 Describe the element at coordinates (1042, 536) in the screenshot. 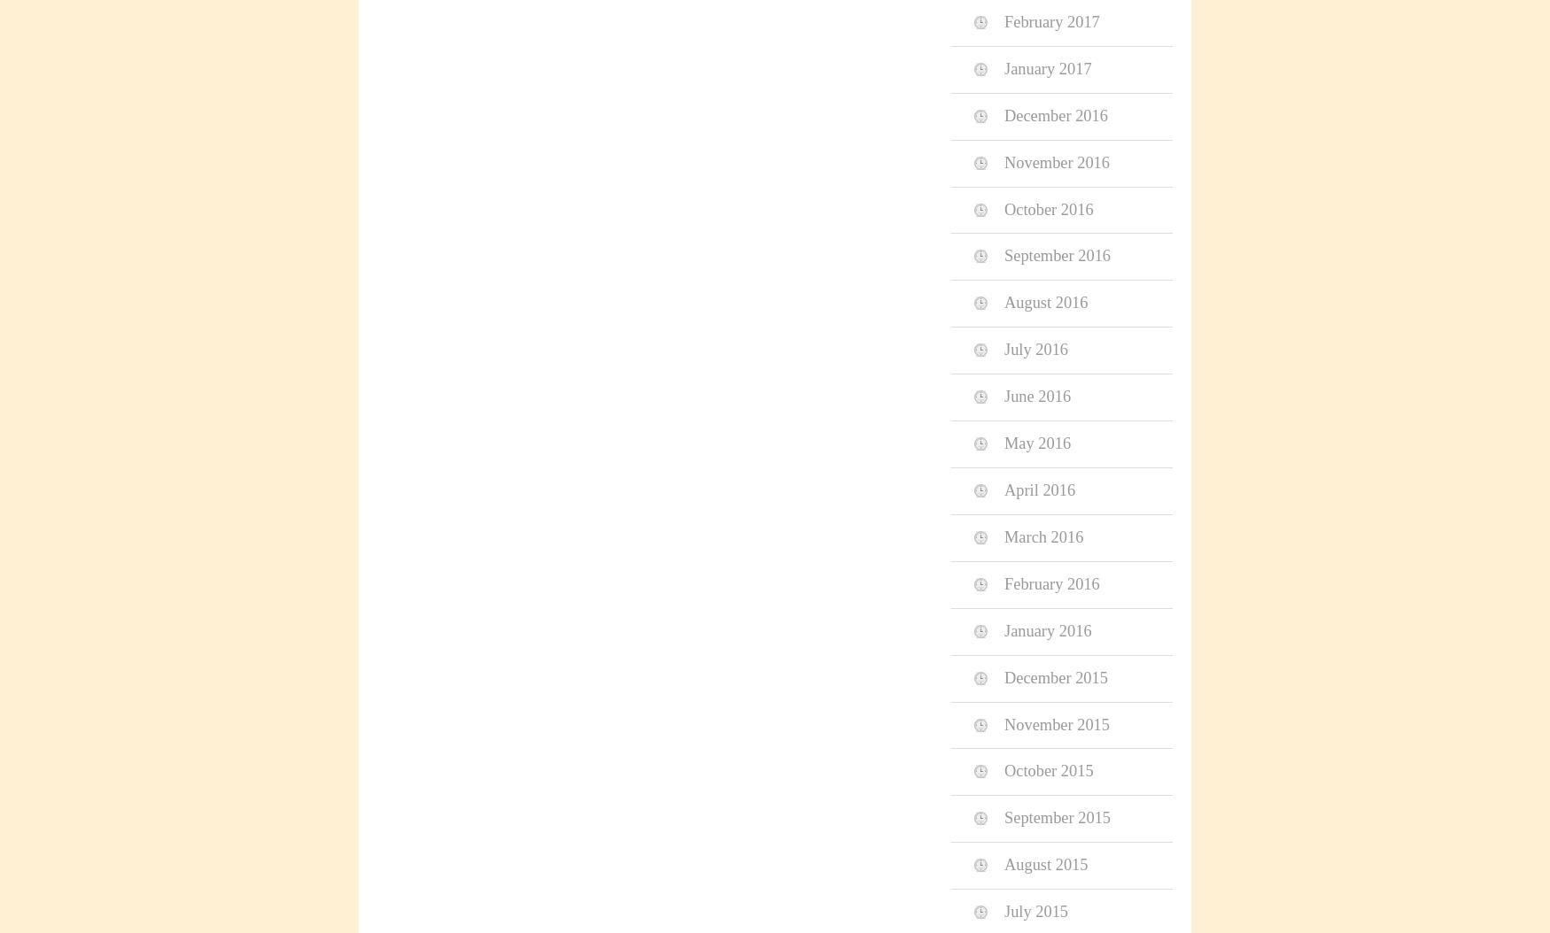

I see `'March 2016'` at that location.